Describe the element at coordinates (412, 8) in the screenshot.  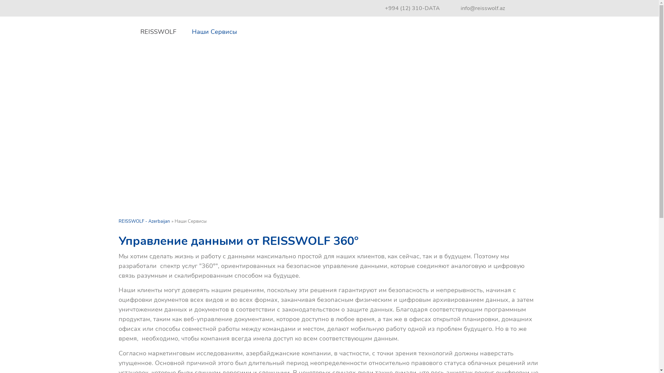
I see `'+994 (12) 310-DATA'` at that location.